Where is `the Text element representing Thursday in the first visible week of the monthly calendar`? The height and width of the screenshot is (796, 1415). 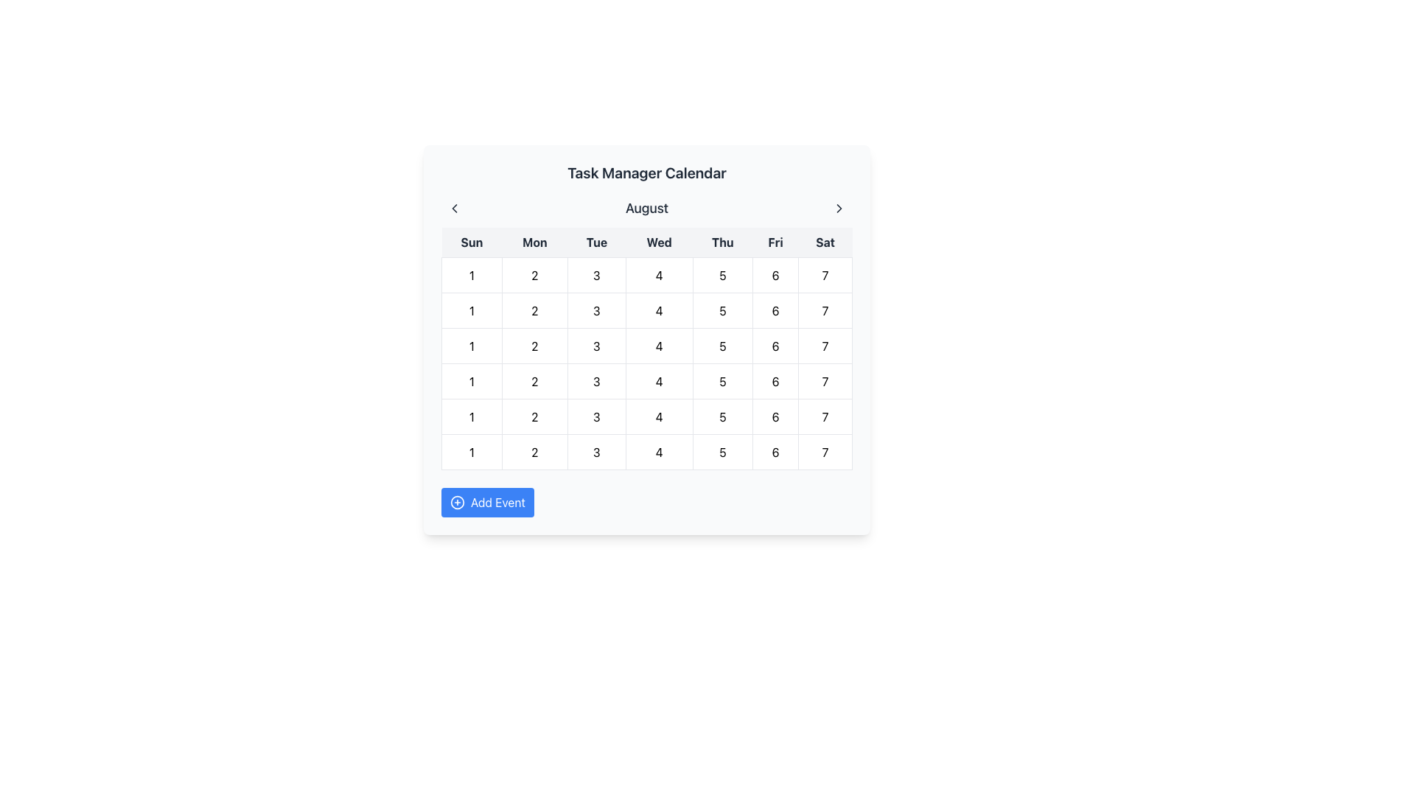
the Text element representing Thursday in the first visible week of the monthly calendar is located at coordinates (722, 310).